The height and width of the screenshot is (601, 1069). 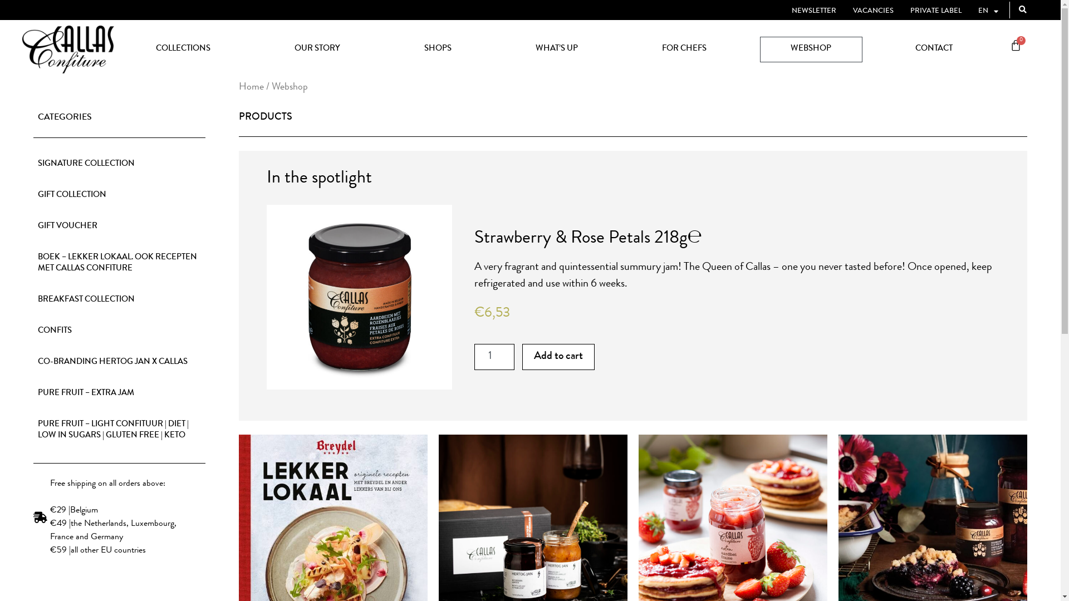 I want to click on 'FOR CHEFS', so click(x=684, y=48).